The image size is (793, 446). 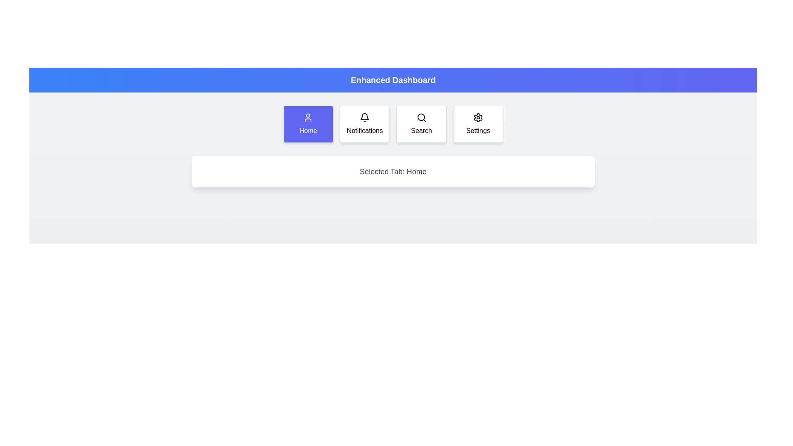 What do you see at coordinates (421, 124) in the screenshot?
I see `the third button in a row of four buttons, located between the 'Notifications' and 'Settings' buttons, to provide visual feedback` at bounding box center [421, 124].